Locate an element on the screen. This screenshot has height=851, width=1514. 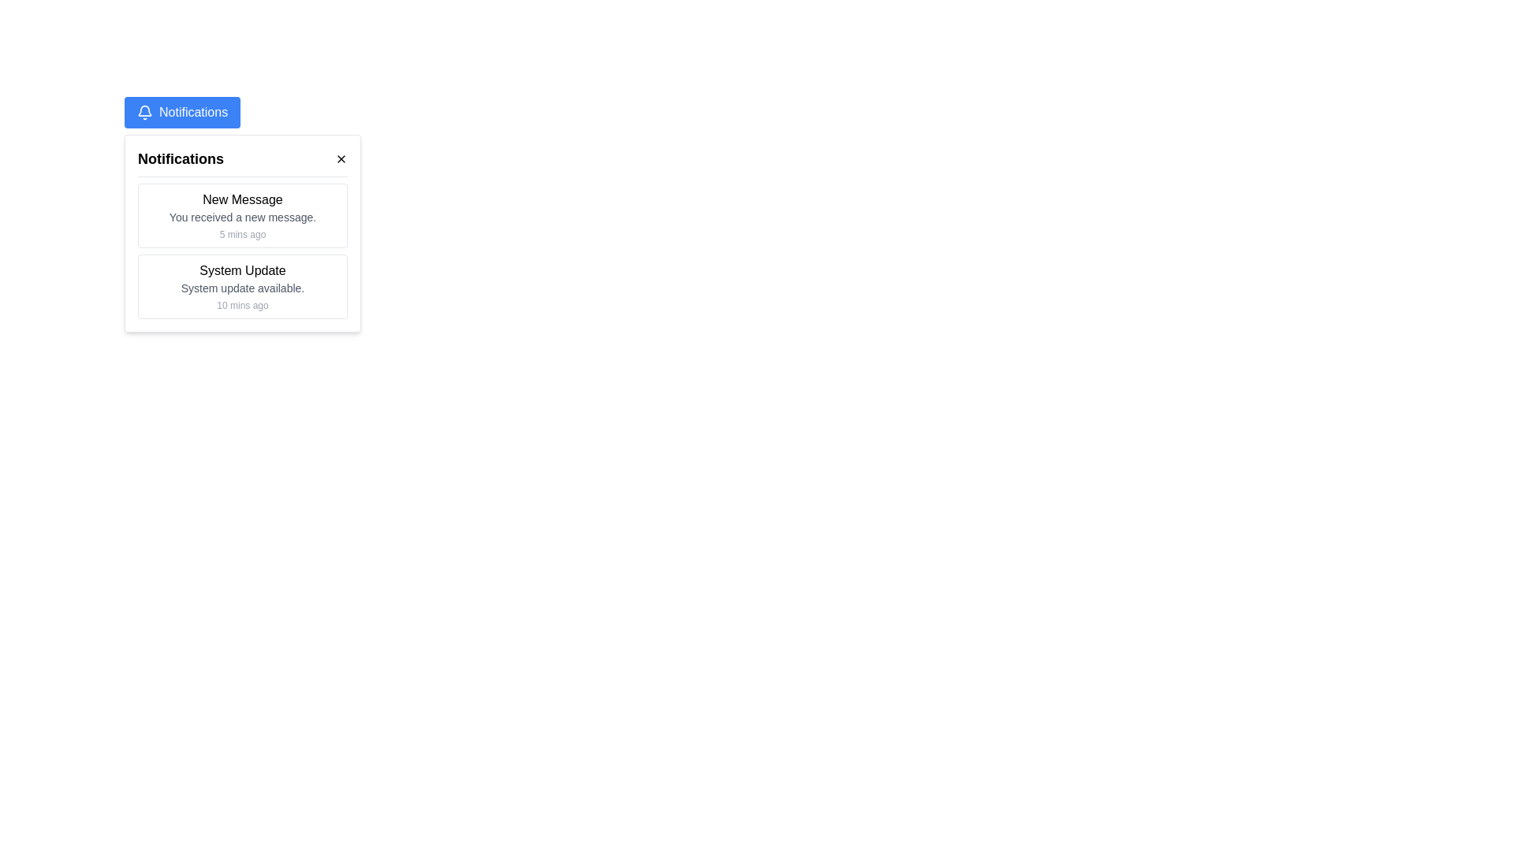
the second notification item that displays details of a system update and the time it was received is located at coordinates (241, 286).